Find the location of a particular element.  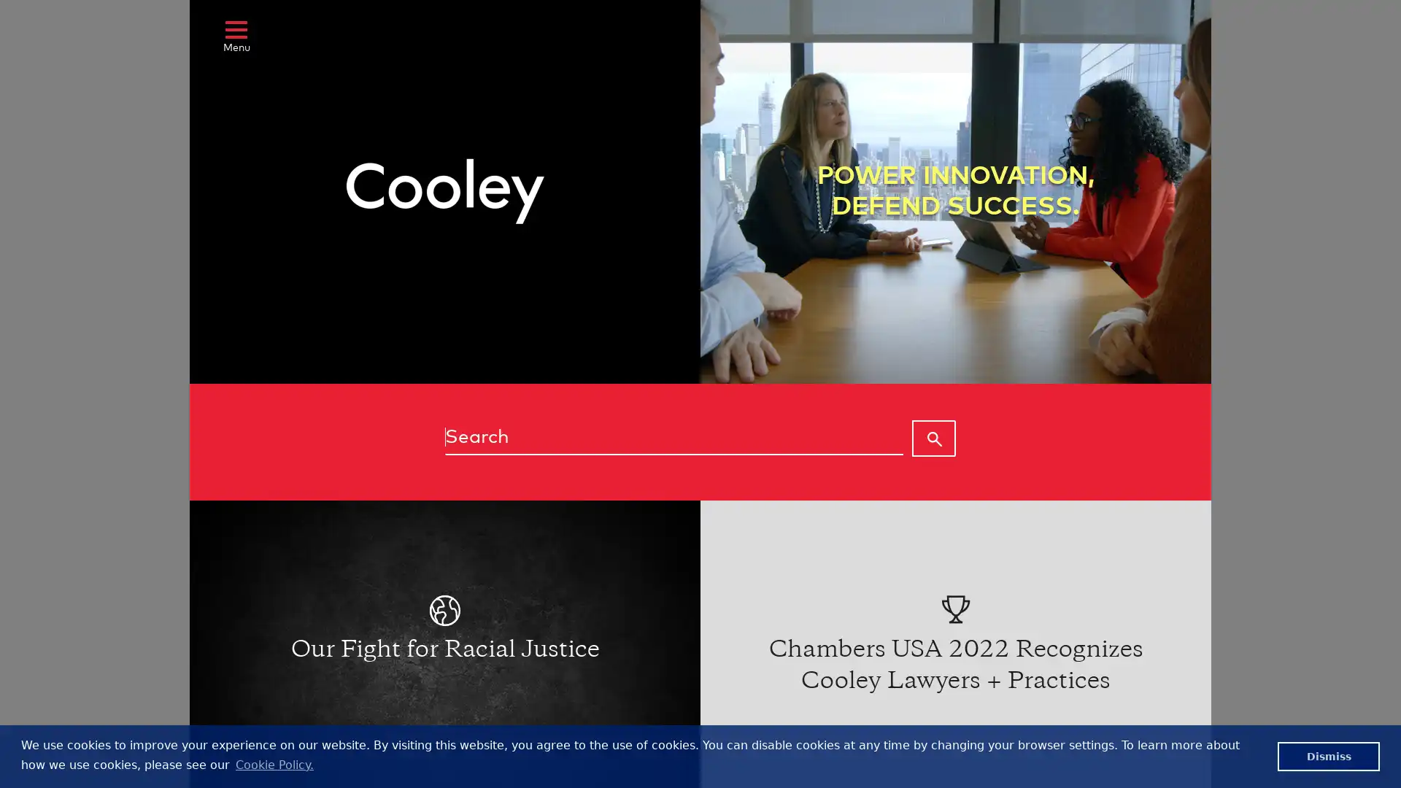

dismiss cookie message is located at coordinates (1328, 755).